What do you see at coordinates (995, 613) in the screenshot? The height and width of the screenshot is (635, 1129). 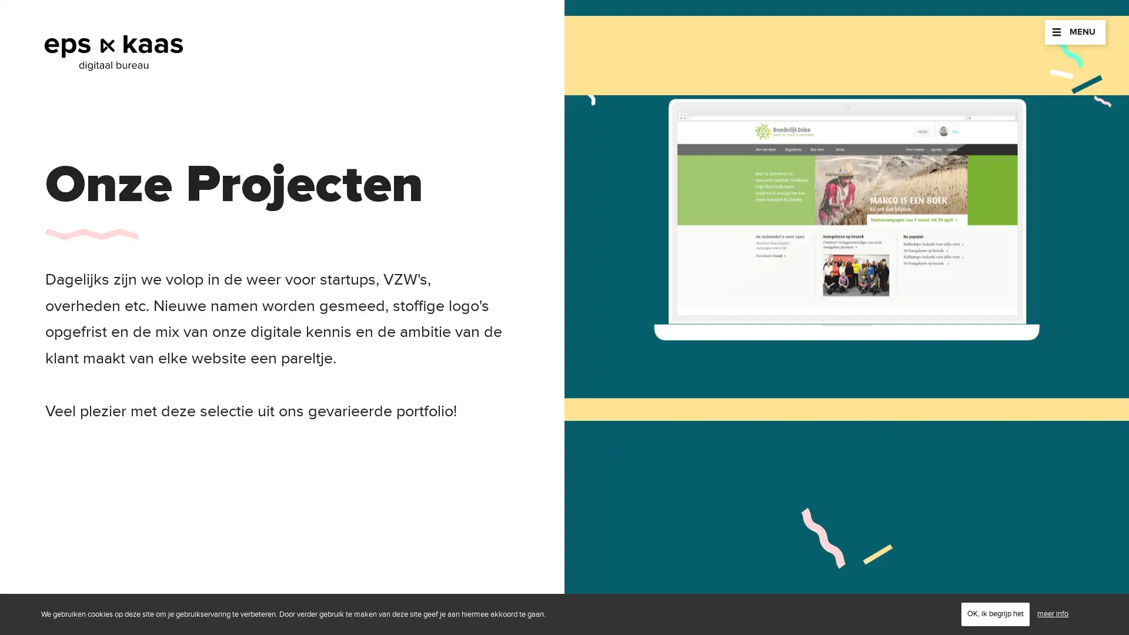 I see `OK, ik begrijp het` at bounding box center [995, 613].